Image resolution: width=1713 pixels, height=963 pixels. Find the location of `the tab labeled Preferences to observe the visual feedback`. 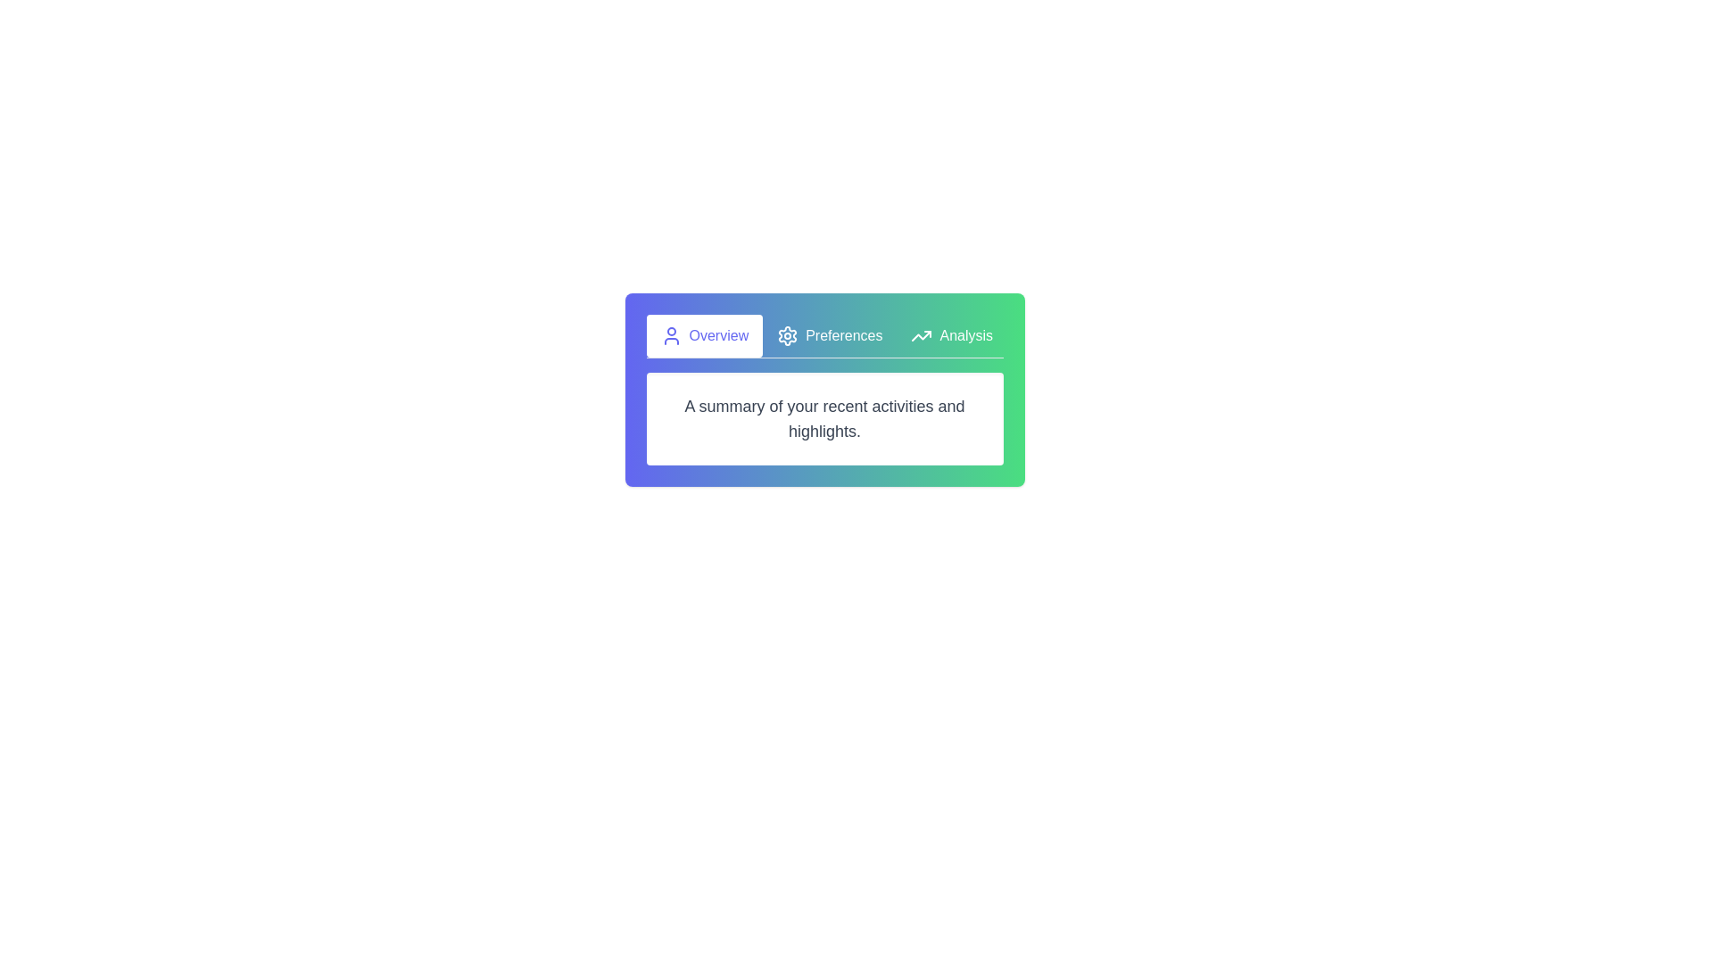

the tab labeled Preferences to observe the visual feedback is located at coordinates (829, 336).